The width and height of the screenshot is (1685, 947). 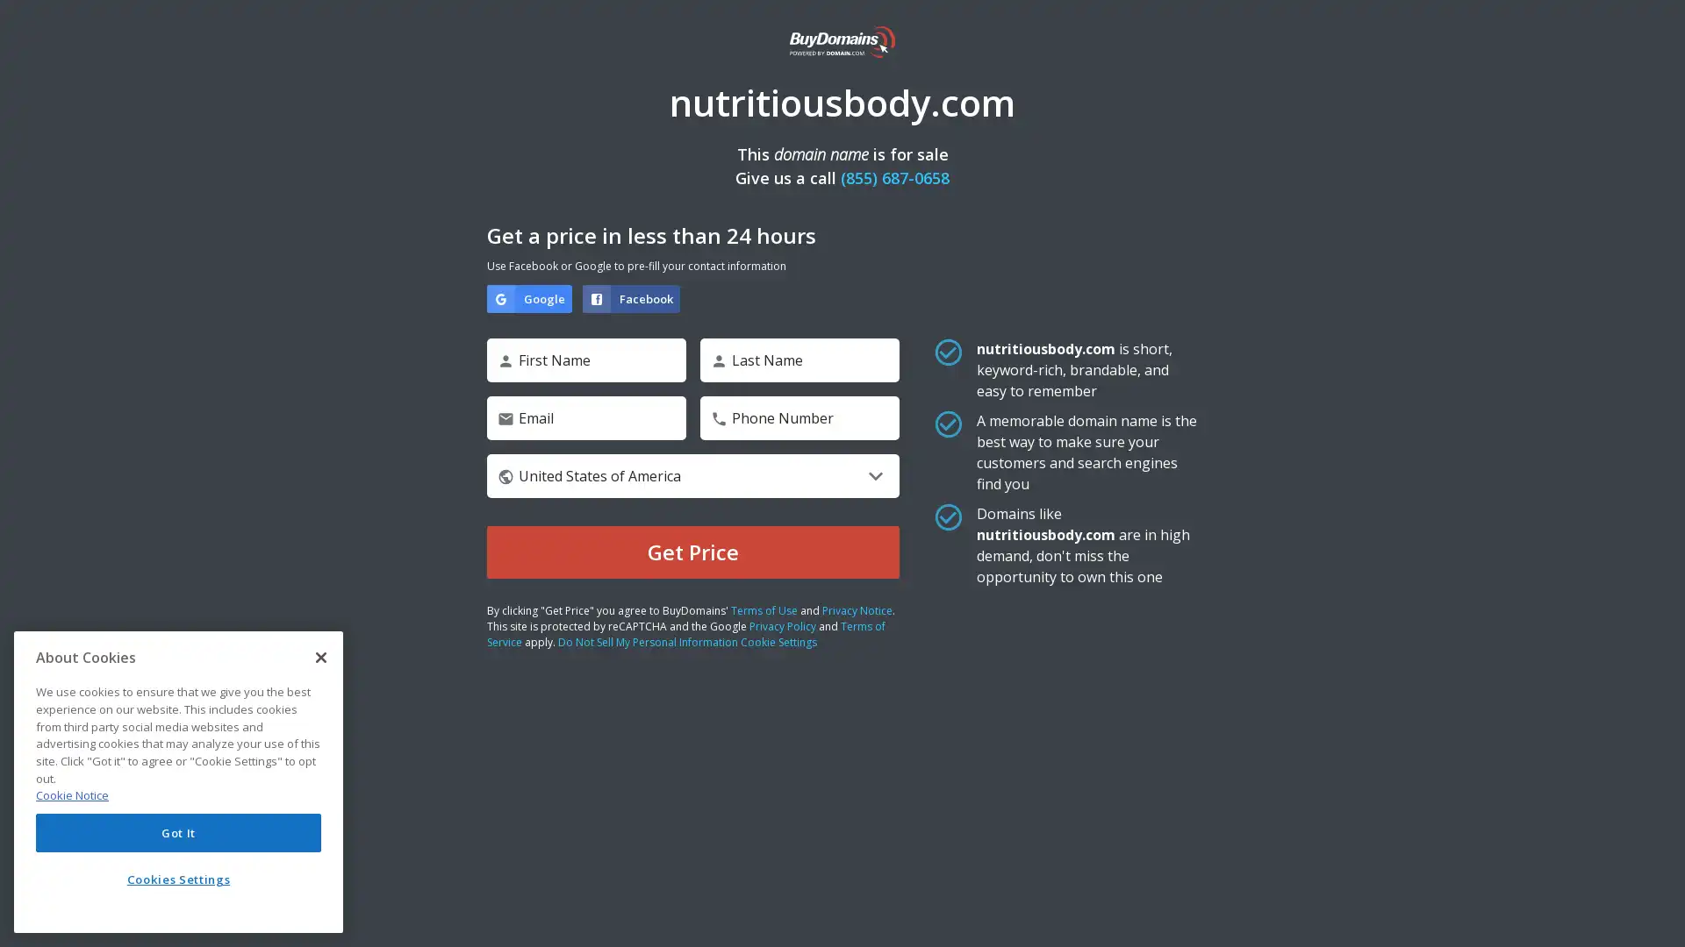 I want to click on Facebook, so click(x=631, y=297).